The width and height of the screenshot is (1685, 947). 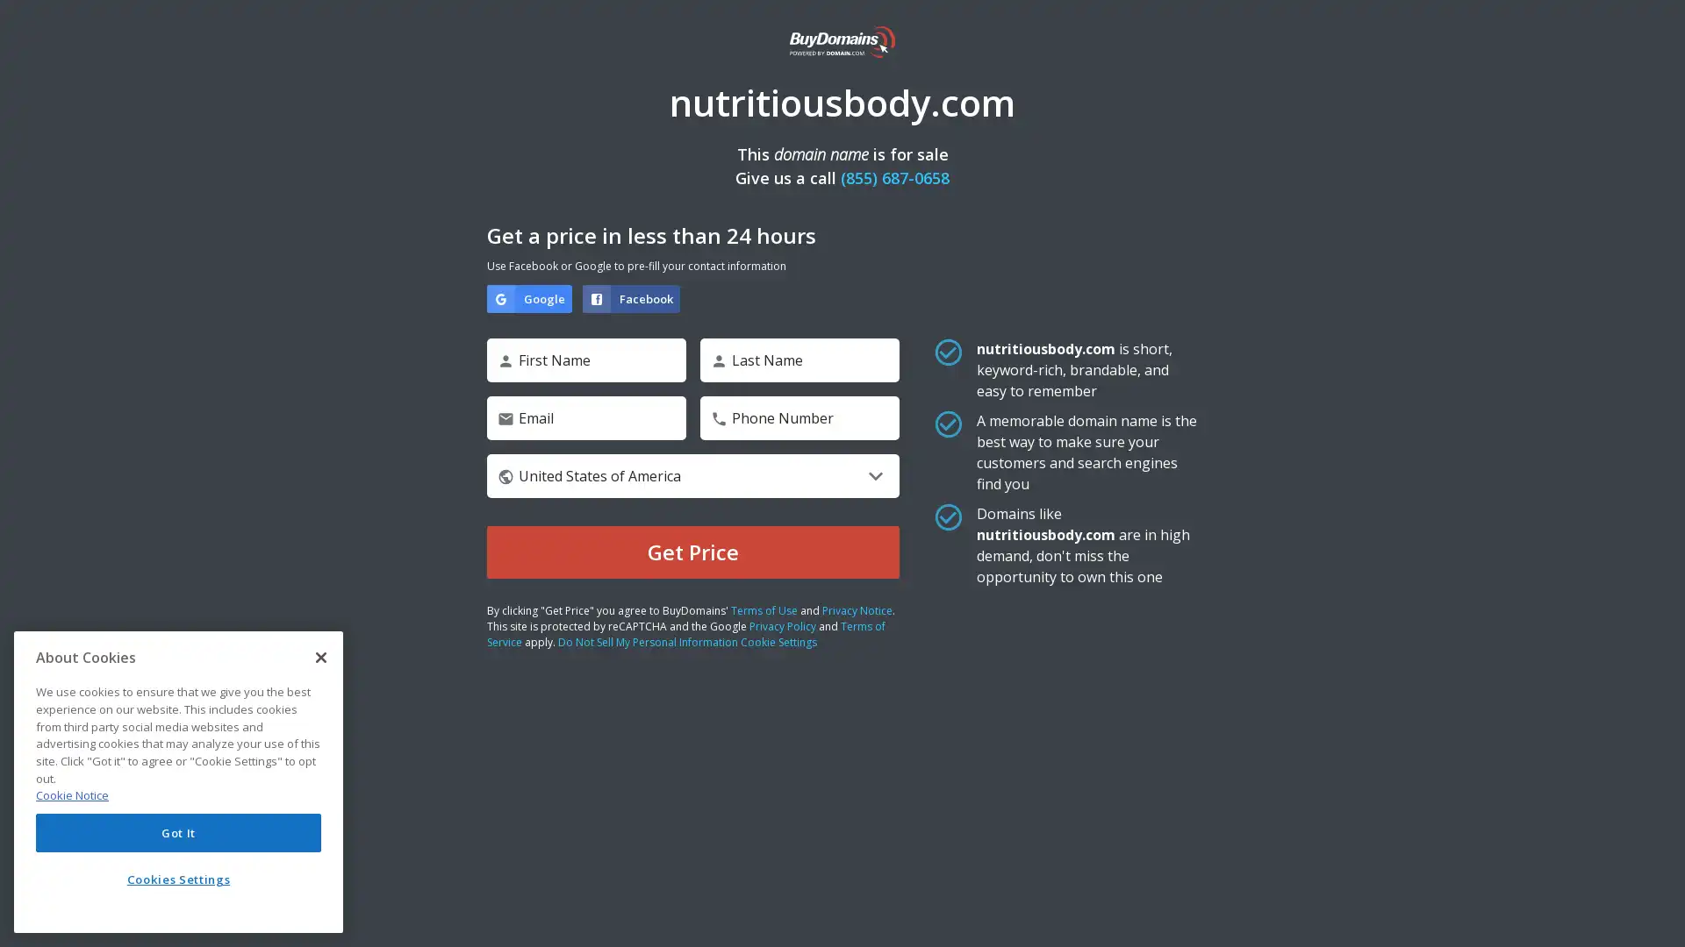 I want to click on Facebook, so click(x=631, y=297).